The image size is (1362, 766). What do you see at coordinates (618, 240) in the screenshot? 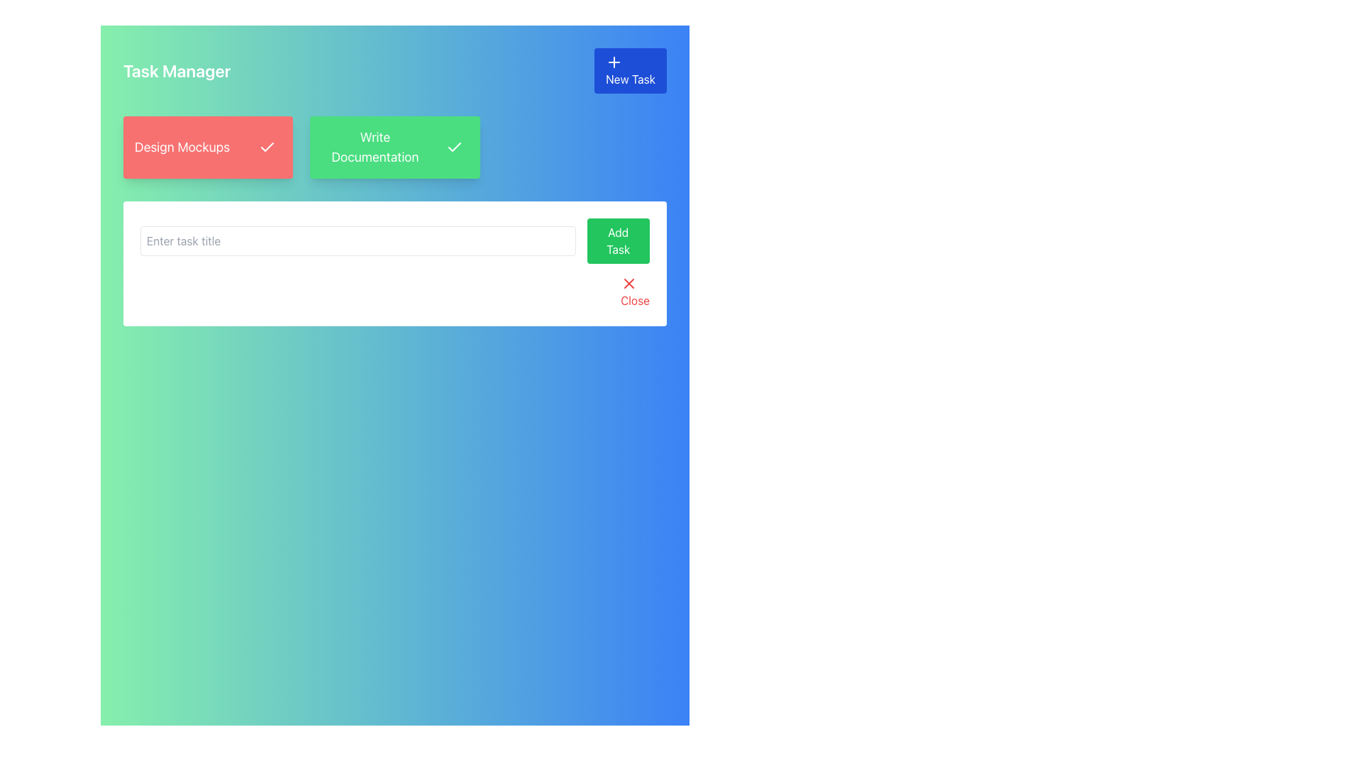
I see `the button located at the bottom right corner of the white rectangle, which is positioned immediately to the right of the associated text input field` at bounding box center [618, 240].